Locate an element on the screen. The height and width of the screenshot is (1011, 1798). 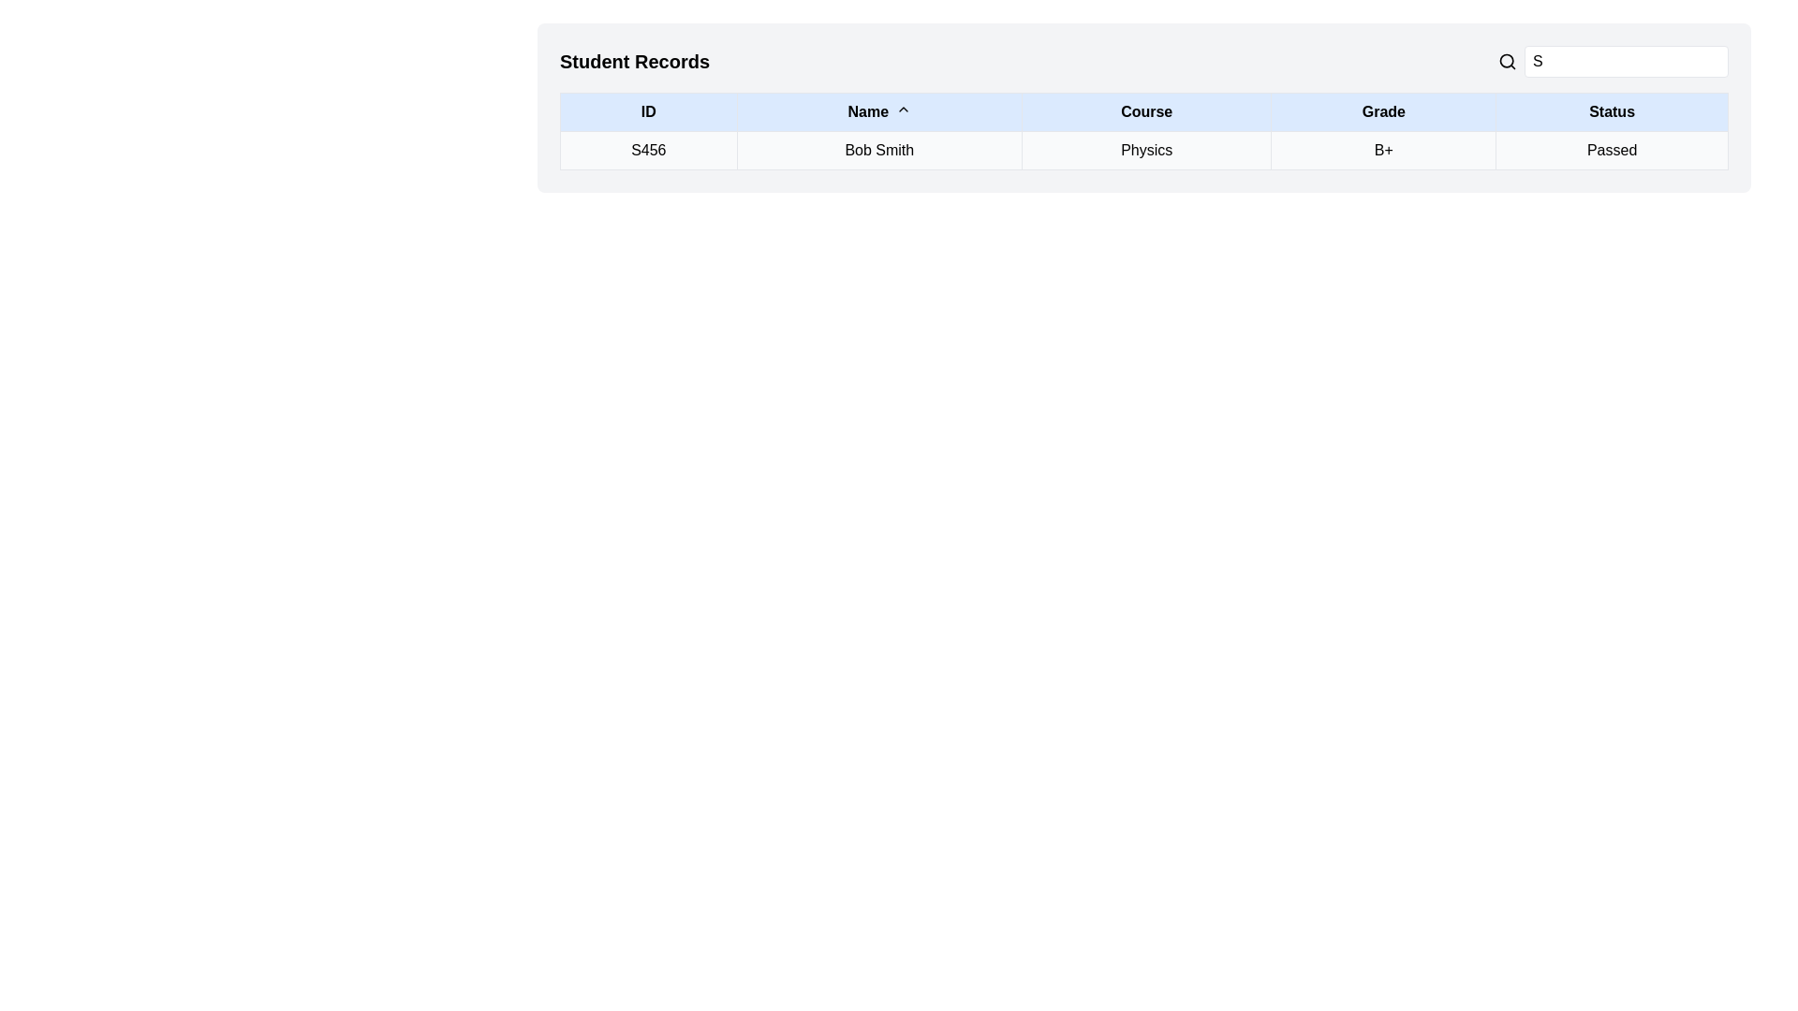
the search icon, which is a black magnifying glass located on the leftmost side of the horizontal section containing a search bar, to initiate a search is located at coordinates (1507, 60).